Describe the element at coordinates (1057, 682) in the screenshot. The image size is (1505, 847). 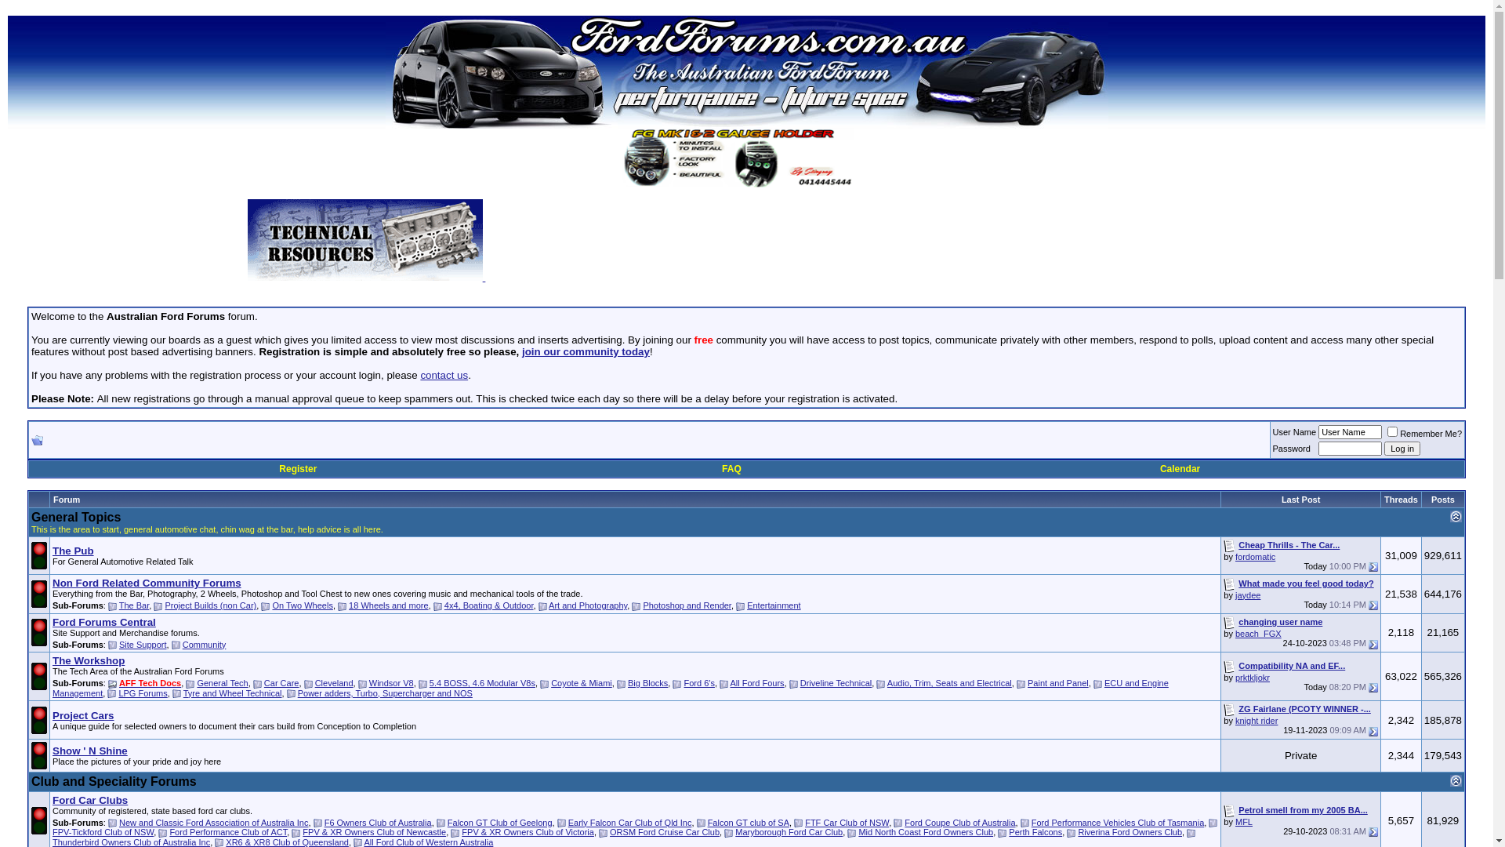
I see `'Paint and Panel'` at that location.